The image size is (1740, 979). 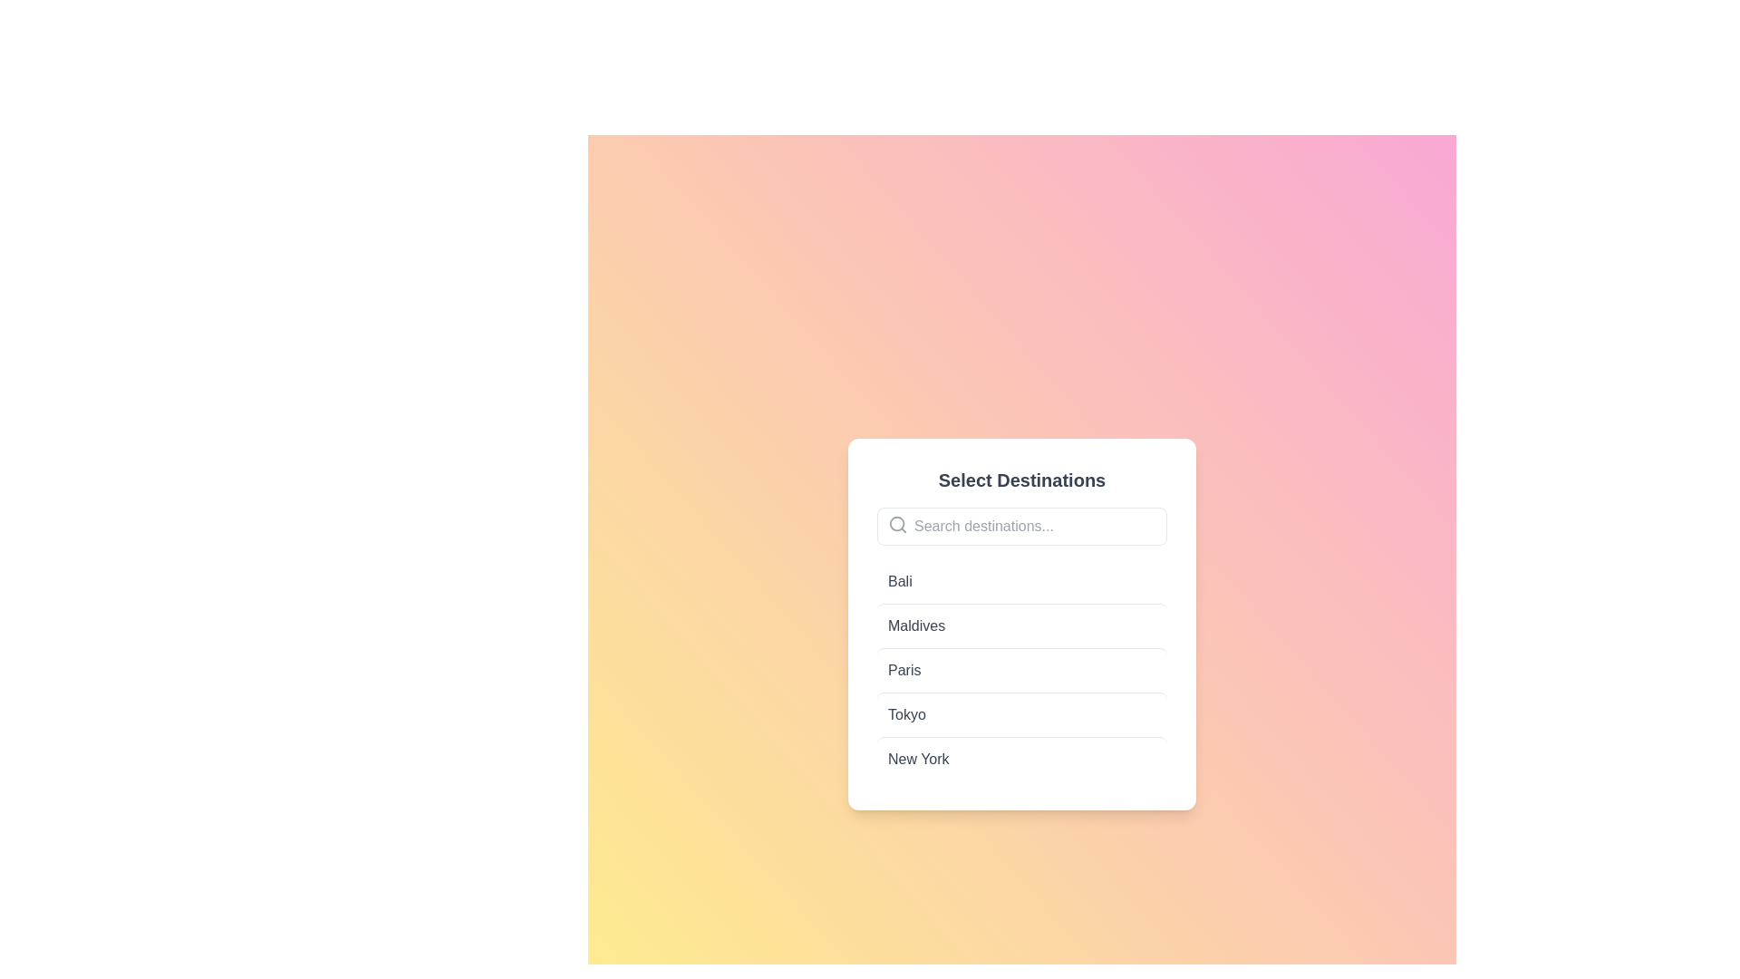 What do you see at coordinates (906, 714) in the screenshot?
I see `the 'Tokyo' text label, which is the fourth selectable destination in the list under 'Select Destinations'` at bounding box center [906, 714].